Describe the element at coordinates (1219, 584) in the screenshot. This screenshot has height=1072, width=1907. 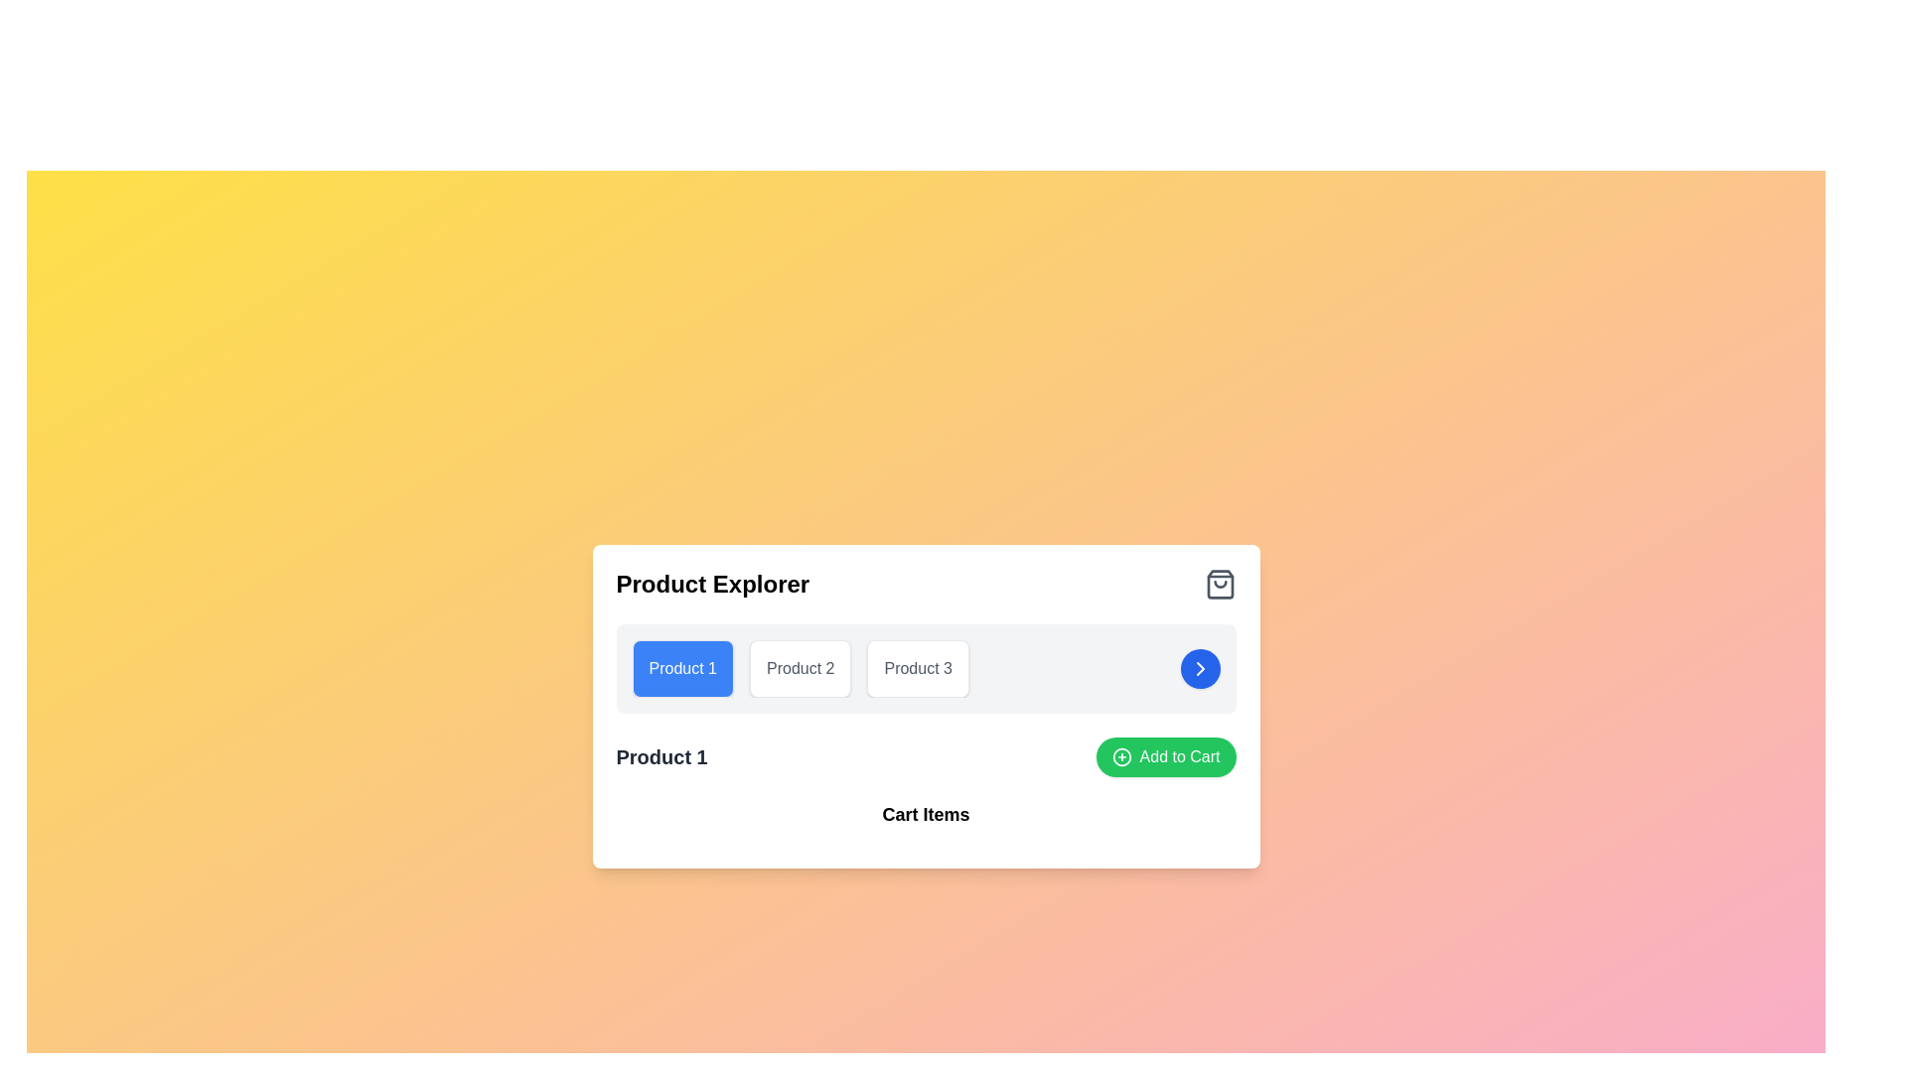
I see `the shopping bag icon located at the top-right corner of the 'Product Explorer' section` at that location.